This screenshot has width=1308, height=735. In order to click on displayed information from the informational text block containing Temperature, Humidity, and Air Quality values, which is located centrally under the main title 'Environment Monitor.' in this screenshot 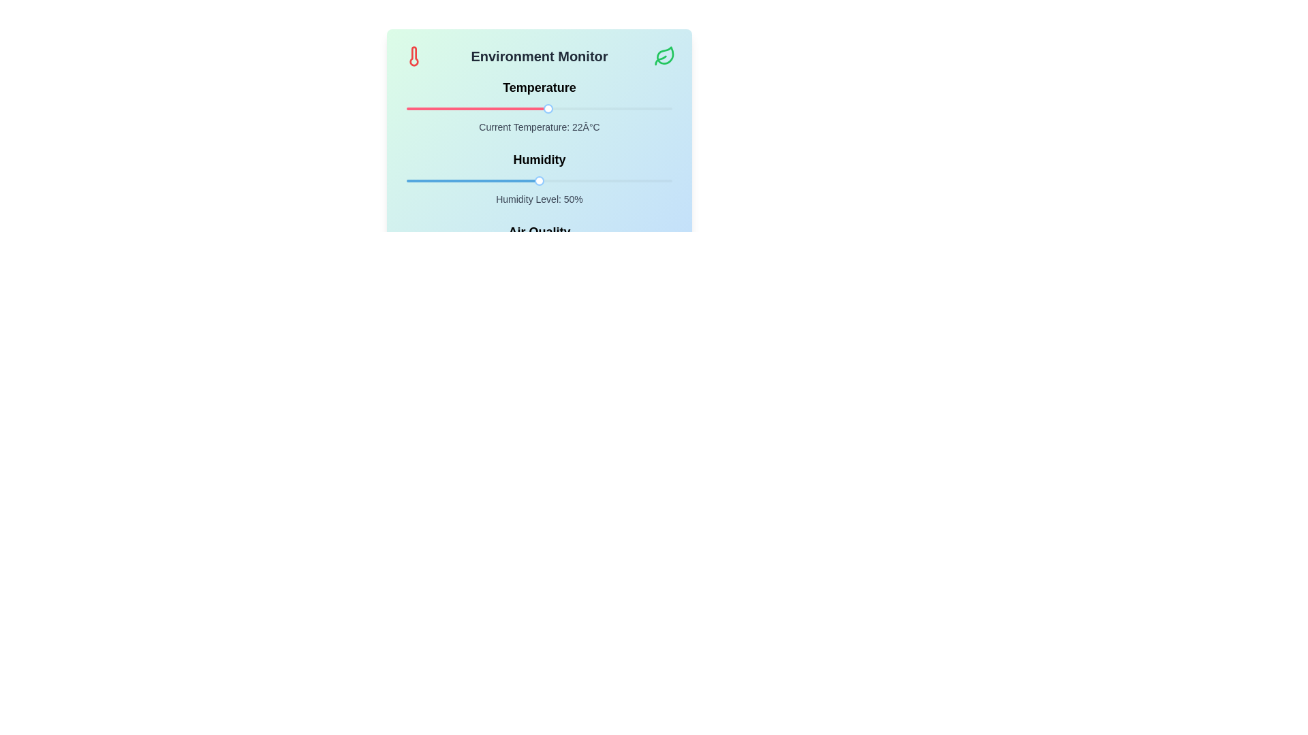, I will do `click(539, 178)`.